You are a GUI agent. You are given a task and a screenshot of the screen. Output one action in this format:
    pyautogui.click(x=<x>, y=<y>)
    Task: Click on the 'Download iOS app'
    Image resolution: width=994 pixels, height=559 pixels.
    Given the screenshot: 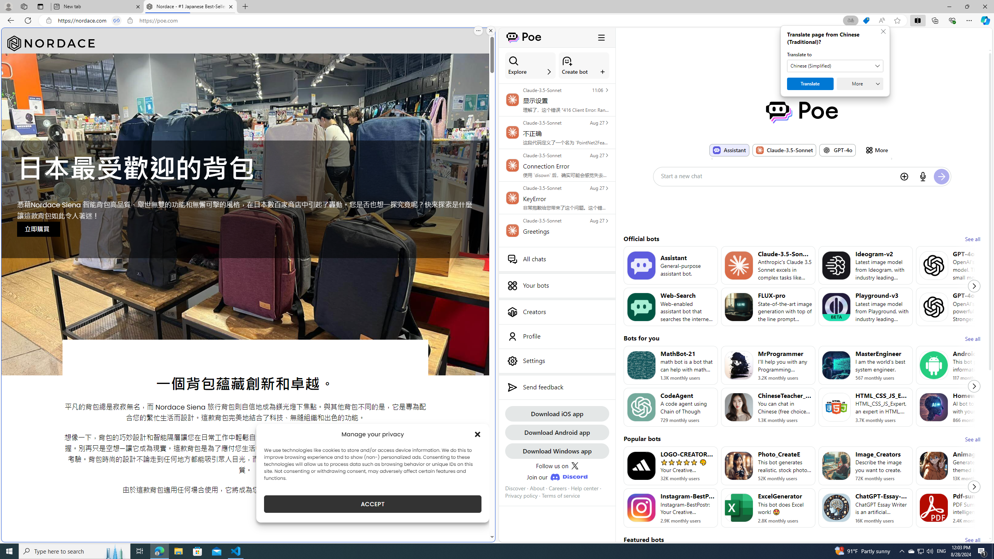 What is the action you would take?
    pyautogui.click(x=557, y=413)
    